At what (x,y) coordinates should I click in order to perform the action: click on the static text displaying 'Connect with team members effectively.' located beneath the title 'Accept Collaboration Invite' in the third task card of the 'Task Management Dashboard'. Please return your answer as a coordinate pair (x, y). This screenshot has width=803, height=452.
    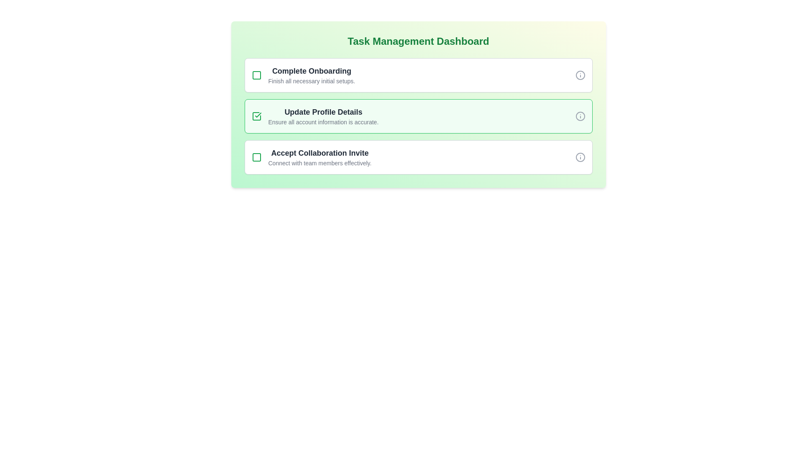
    Looking at the image, I should click on (319, 163).